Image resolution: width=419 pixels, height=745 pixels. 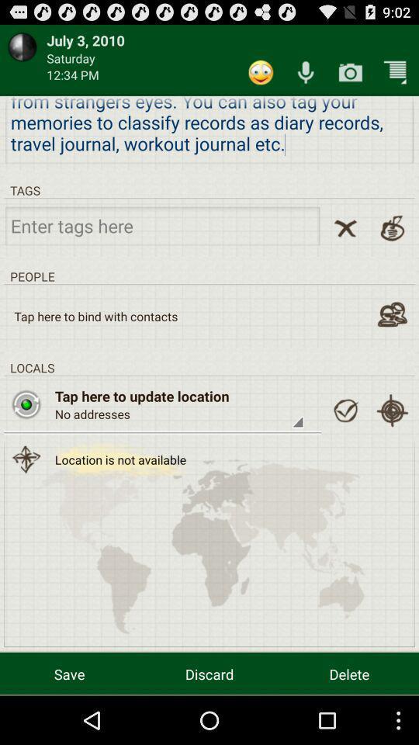 What do you see at coordinates (350, 72) in the screenshot?
I see `camera` at bounding box center [350, 72].